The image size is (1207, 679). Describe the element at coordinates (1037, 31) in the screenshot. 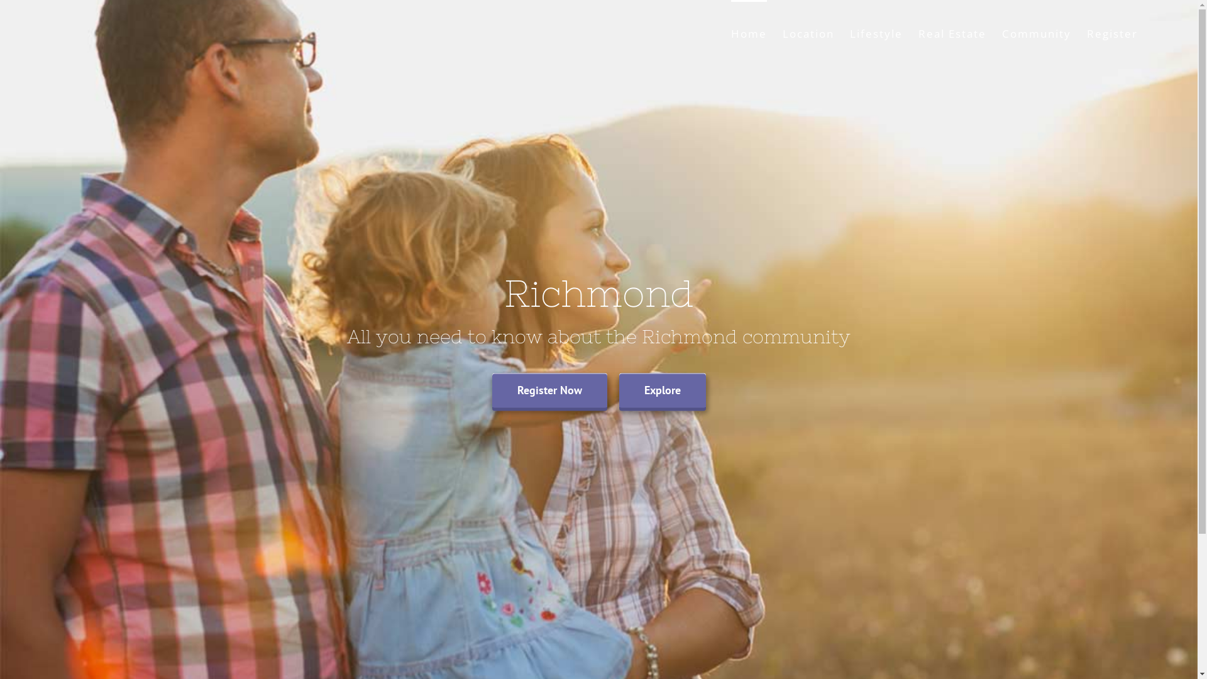

I see `'Community'` at that location.